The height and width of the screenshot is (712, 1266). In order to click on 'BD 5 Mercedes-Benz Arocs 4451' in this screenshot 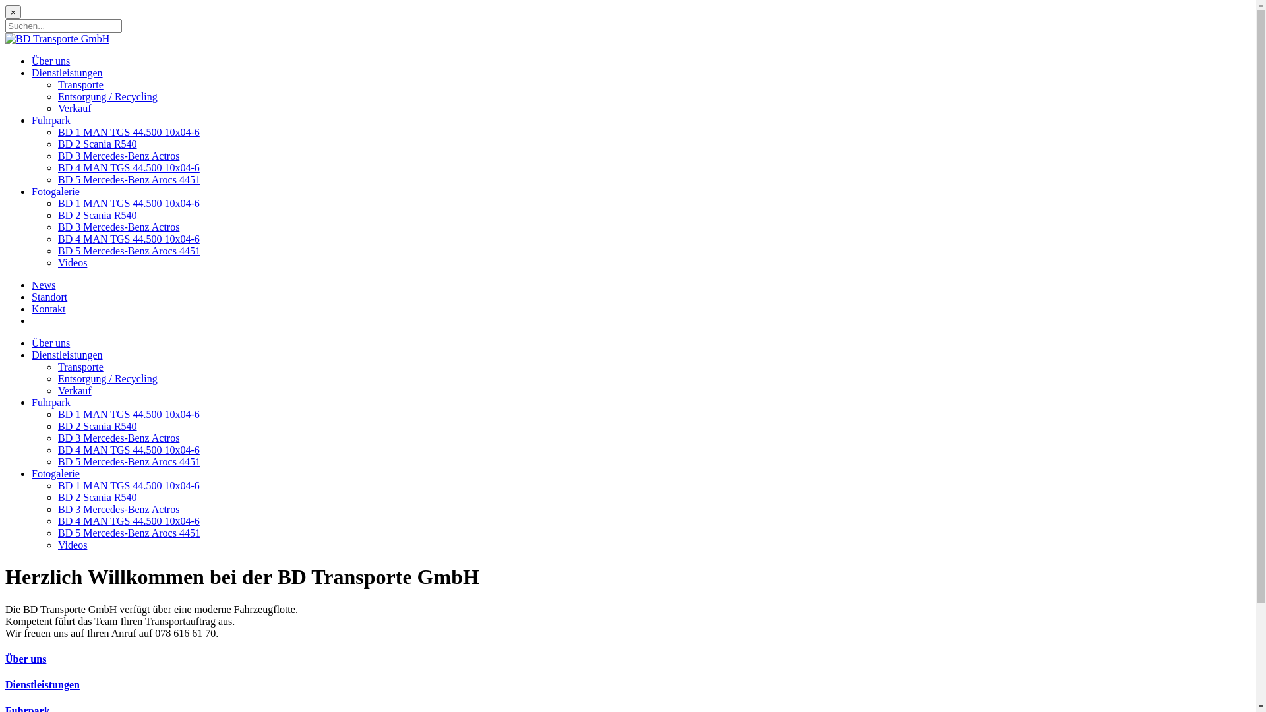, I will do `click(57, 461)`.